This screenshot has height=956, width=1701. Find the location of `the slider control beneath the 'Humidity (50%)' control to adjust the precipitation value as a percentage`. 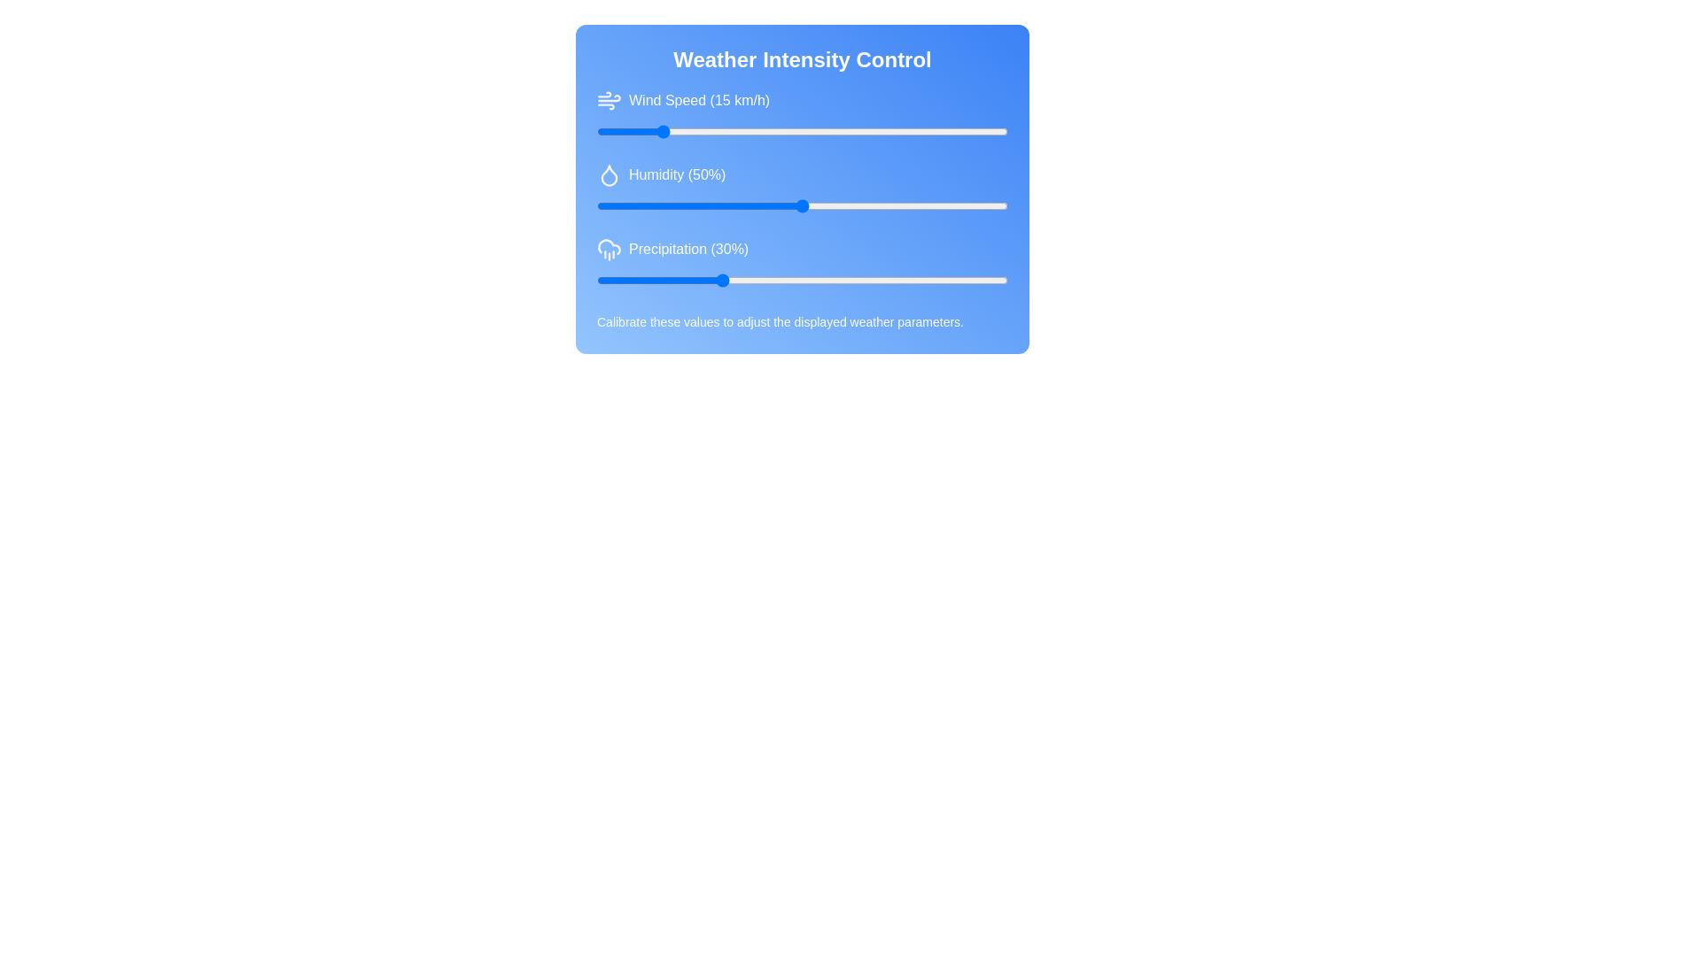

the slider control beneath the 'Humidity (50%)' control to adjust the precipitation value as a percentage is located at coordinates (802, 263).